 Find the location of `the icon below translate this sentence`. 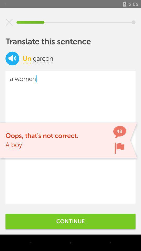

the icon below translate this sentence is located at coordinates (27, 58).